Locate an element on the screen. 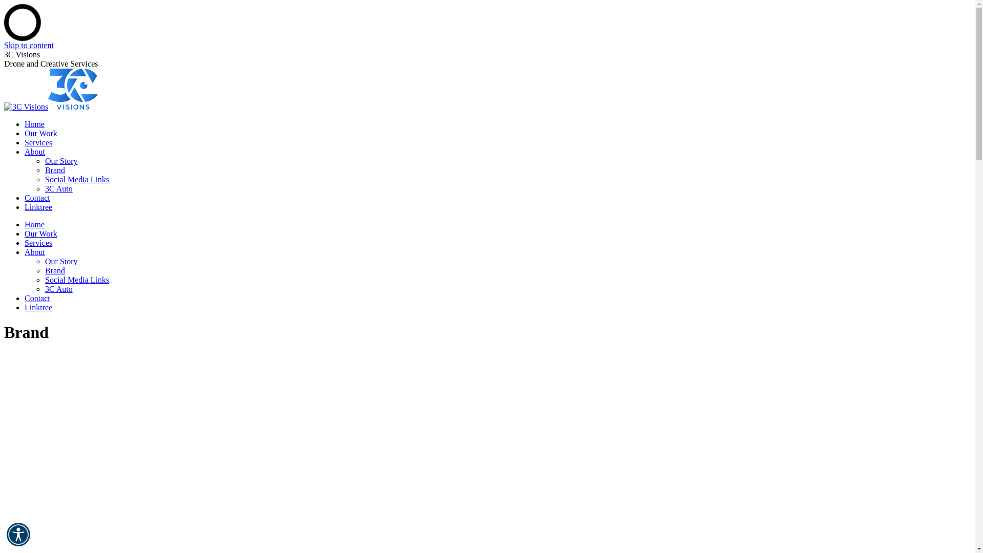 The height and width of the screenshot is (553, 983). 'Linktree' is located at coordinates (38, 207).